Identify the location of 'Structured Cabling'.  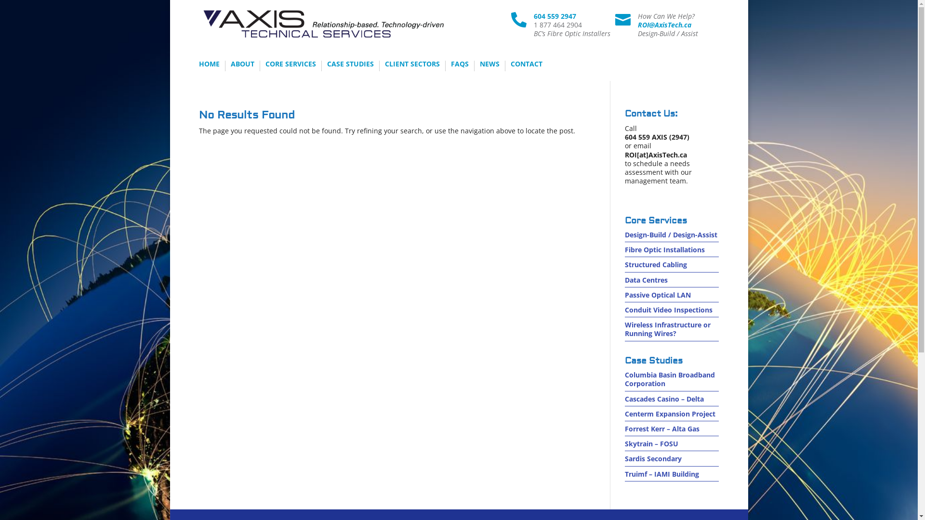
(655, 264).